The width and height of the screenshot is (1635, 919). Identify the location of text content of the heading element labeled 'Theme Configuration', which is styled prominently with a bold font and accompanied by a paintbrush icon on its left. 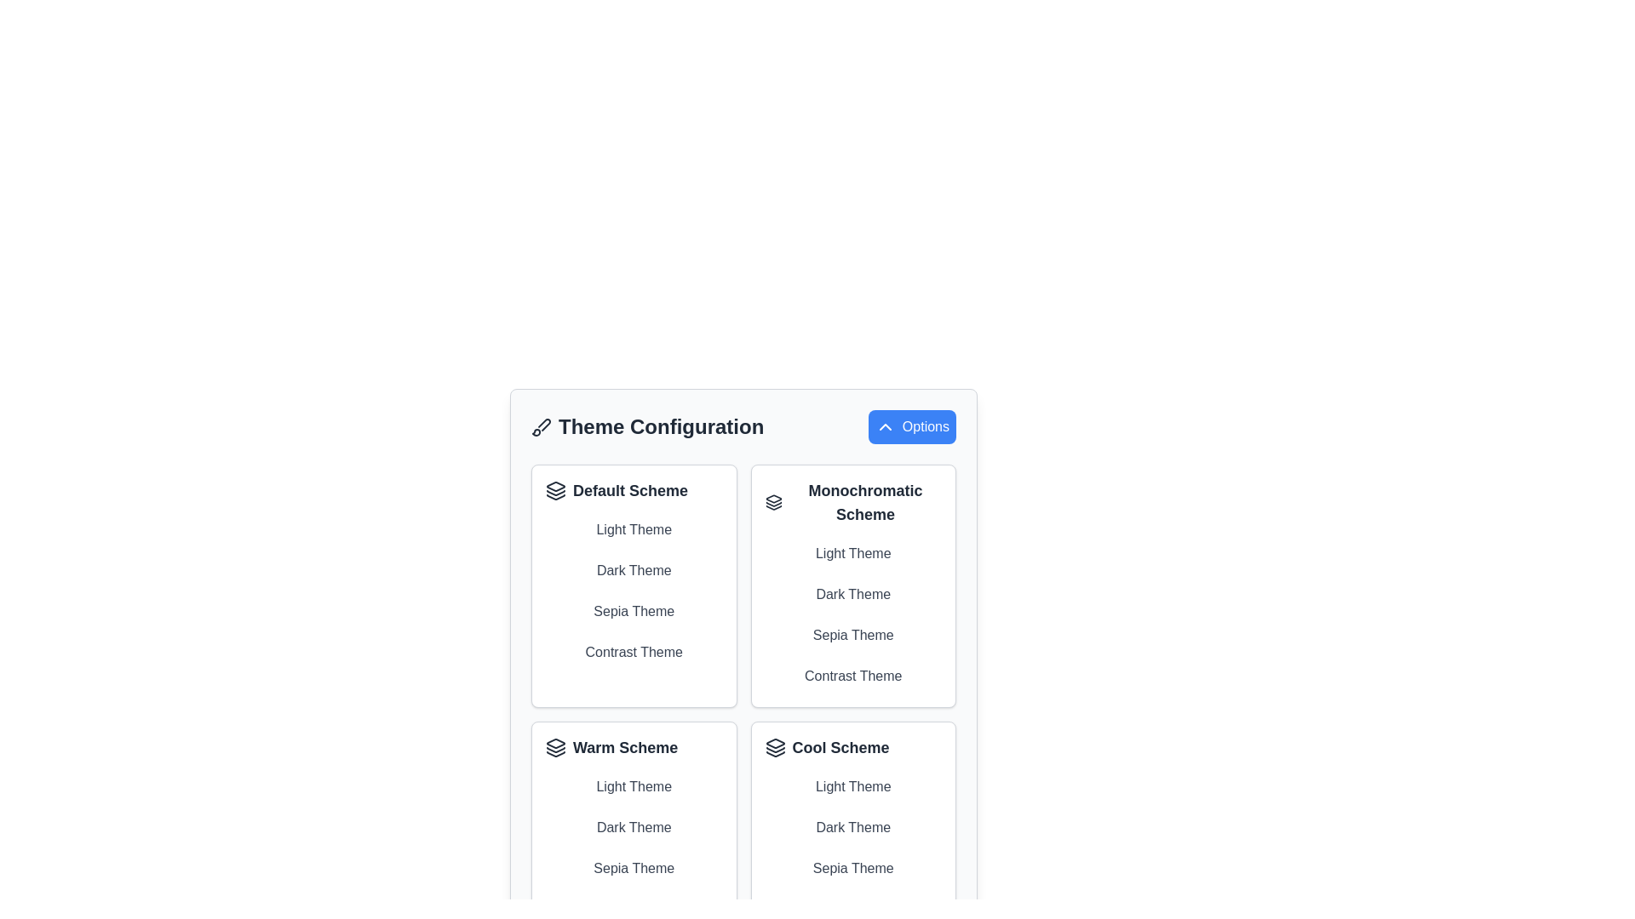
(646, 425).